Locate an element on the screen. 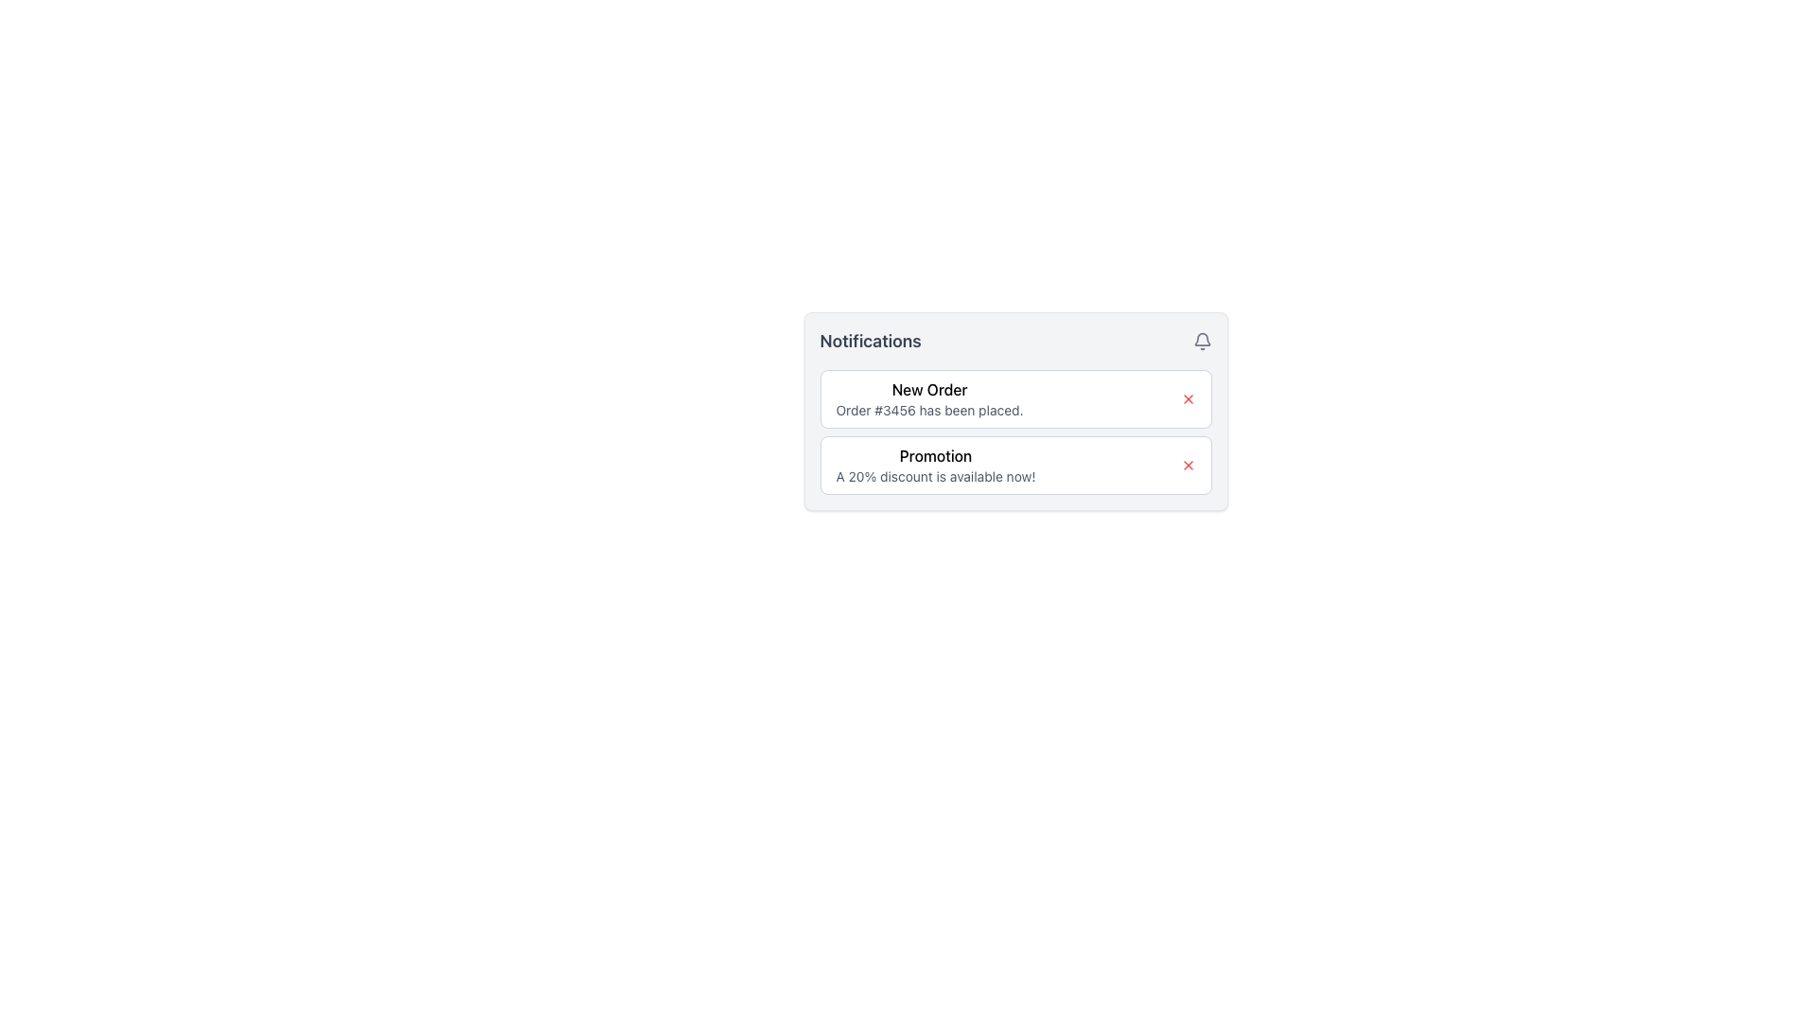 The height and width of the screenshot is (1022, 1817). the text display element that shows additional information about the completed order under the 'New Order' notification is located at coordinates (929, 410).